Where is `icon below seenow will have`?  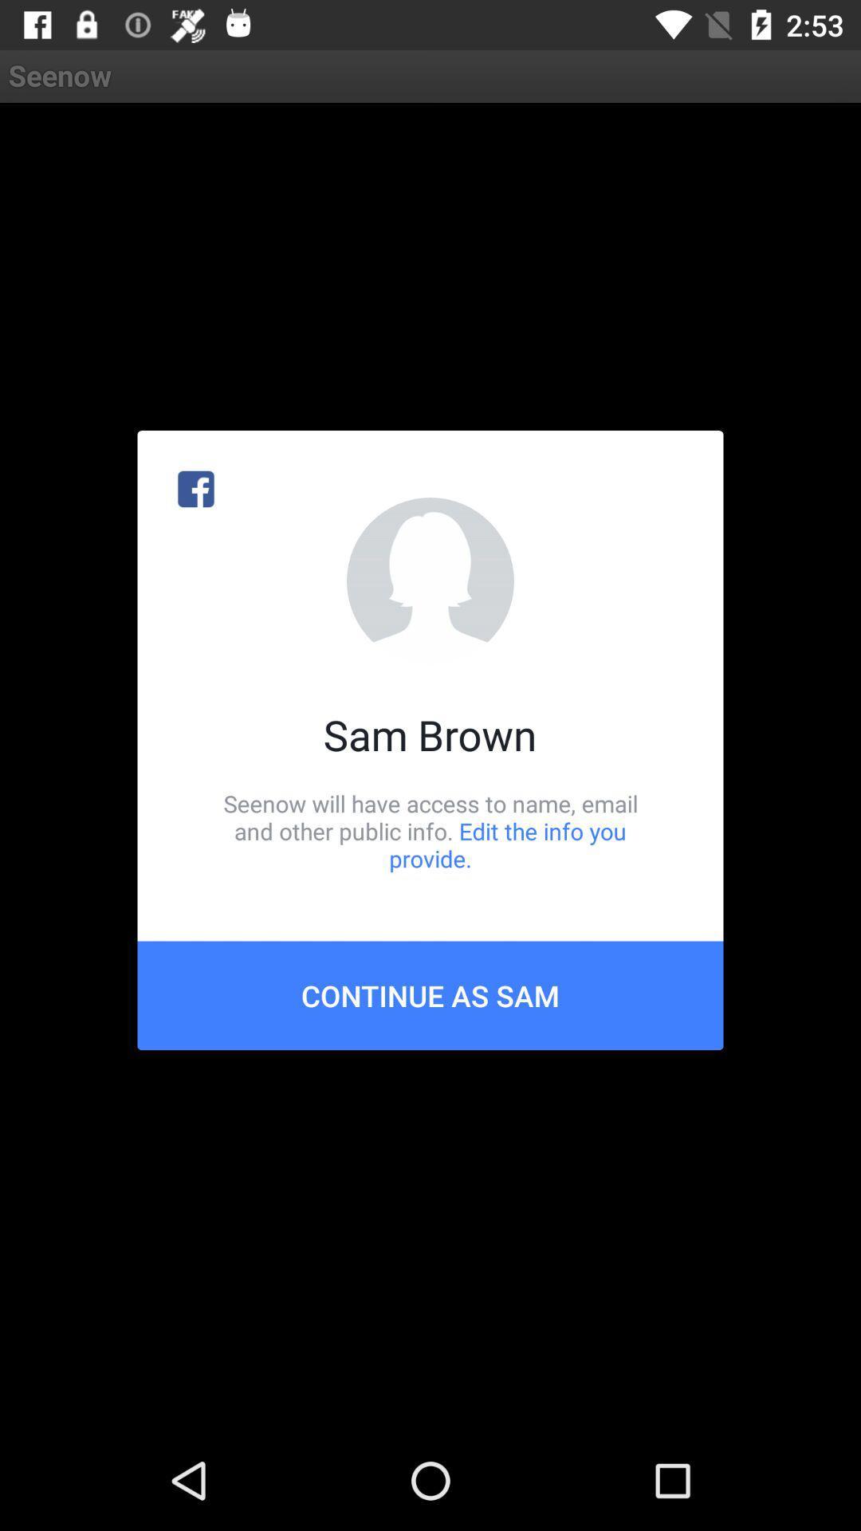 icon below seenow will have is located at coordinates (431, 994).